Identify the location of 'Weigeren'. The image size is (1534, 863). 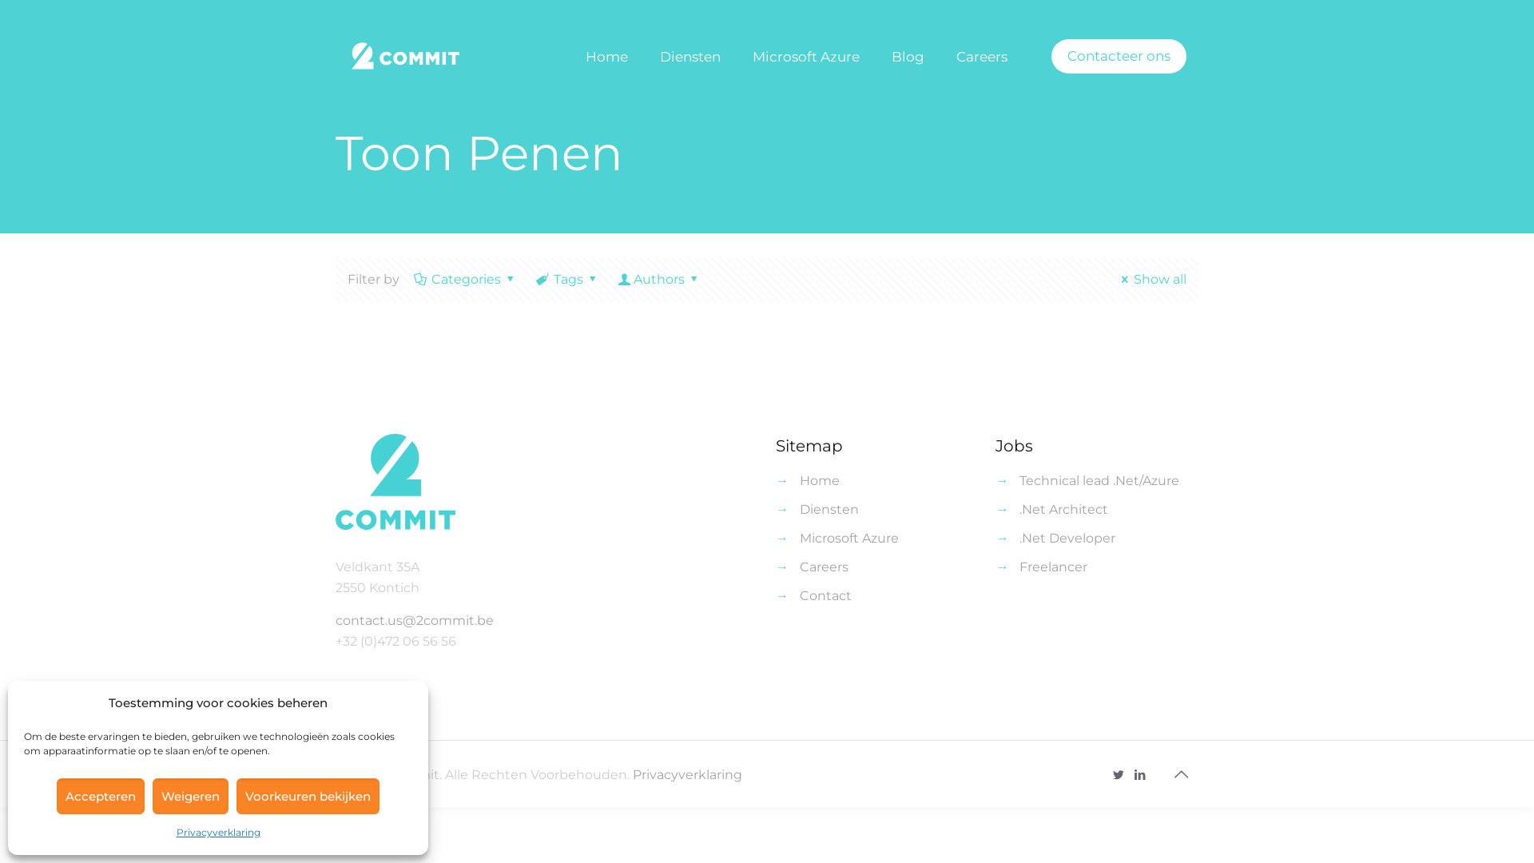
(153, 796).